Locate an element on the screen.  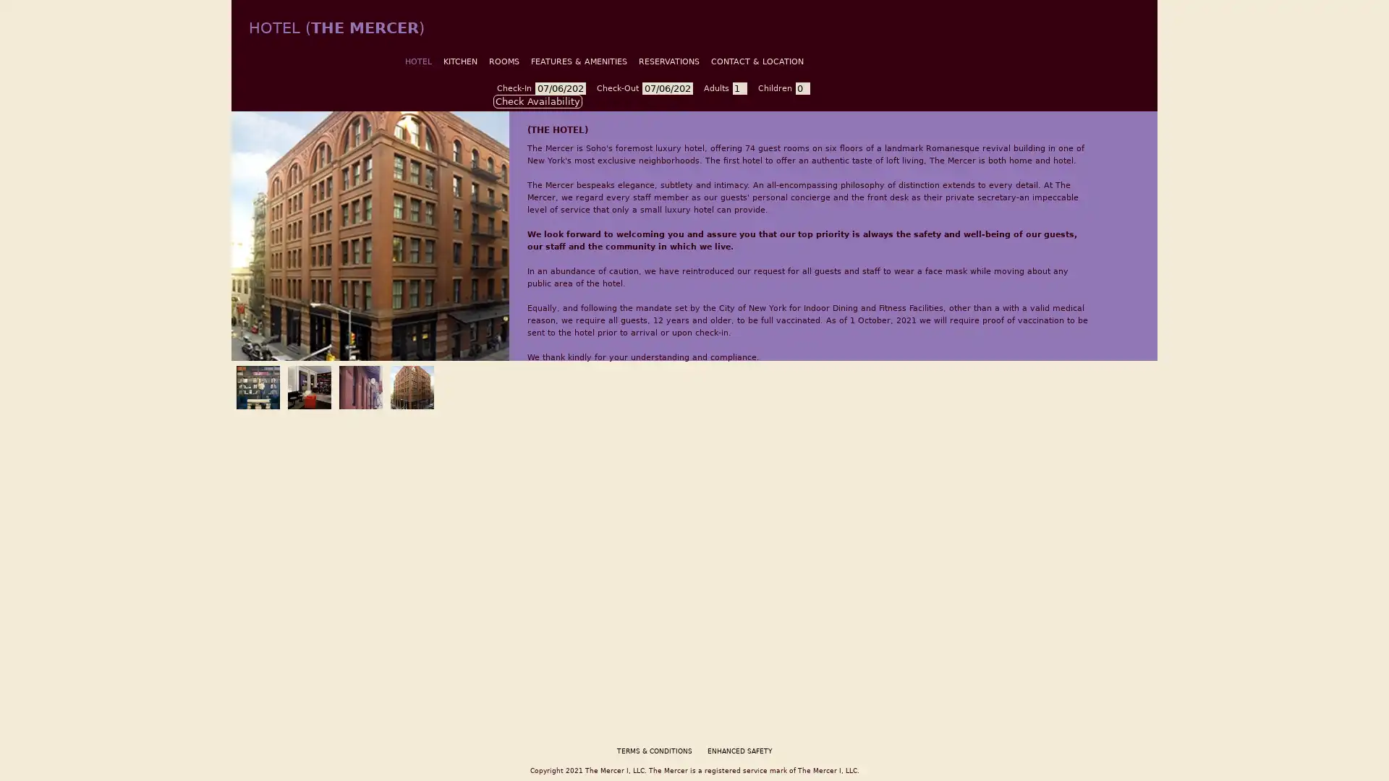
Check Availability is located at coordinates (537, 101).